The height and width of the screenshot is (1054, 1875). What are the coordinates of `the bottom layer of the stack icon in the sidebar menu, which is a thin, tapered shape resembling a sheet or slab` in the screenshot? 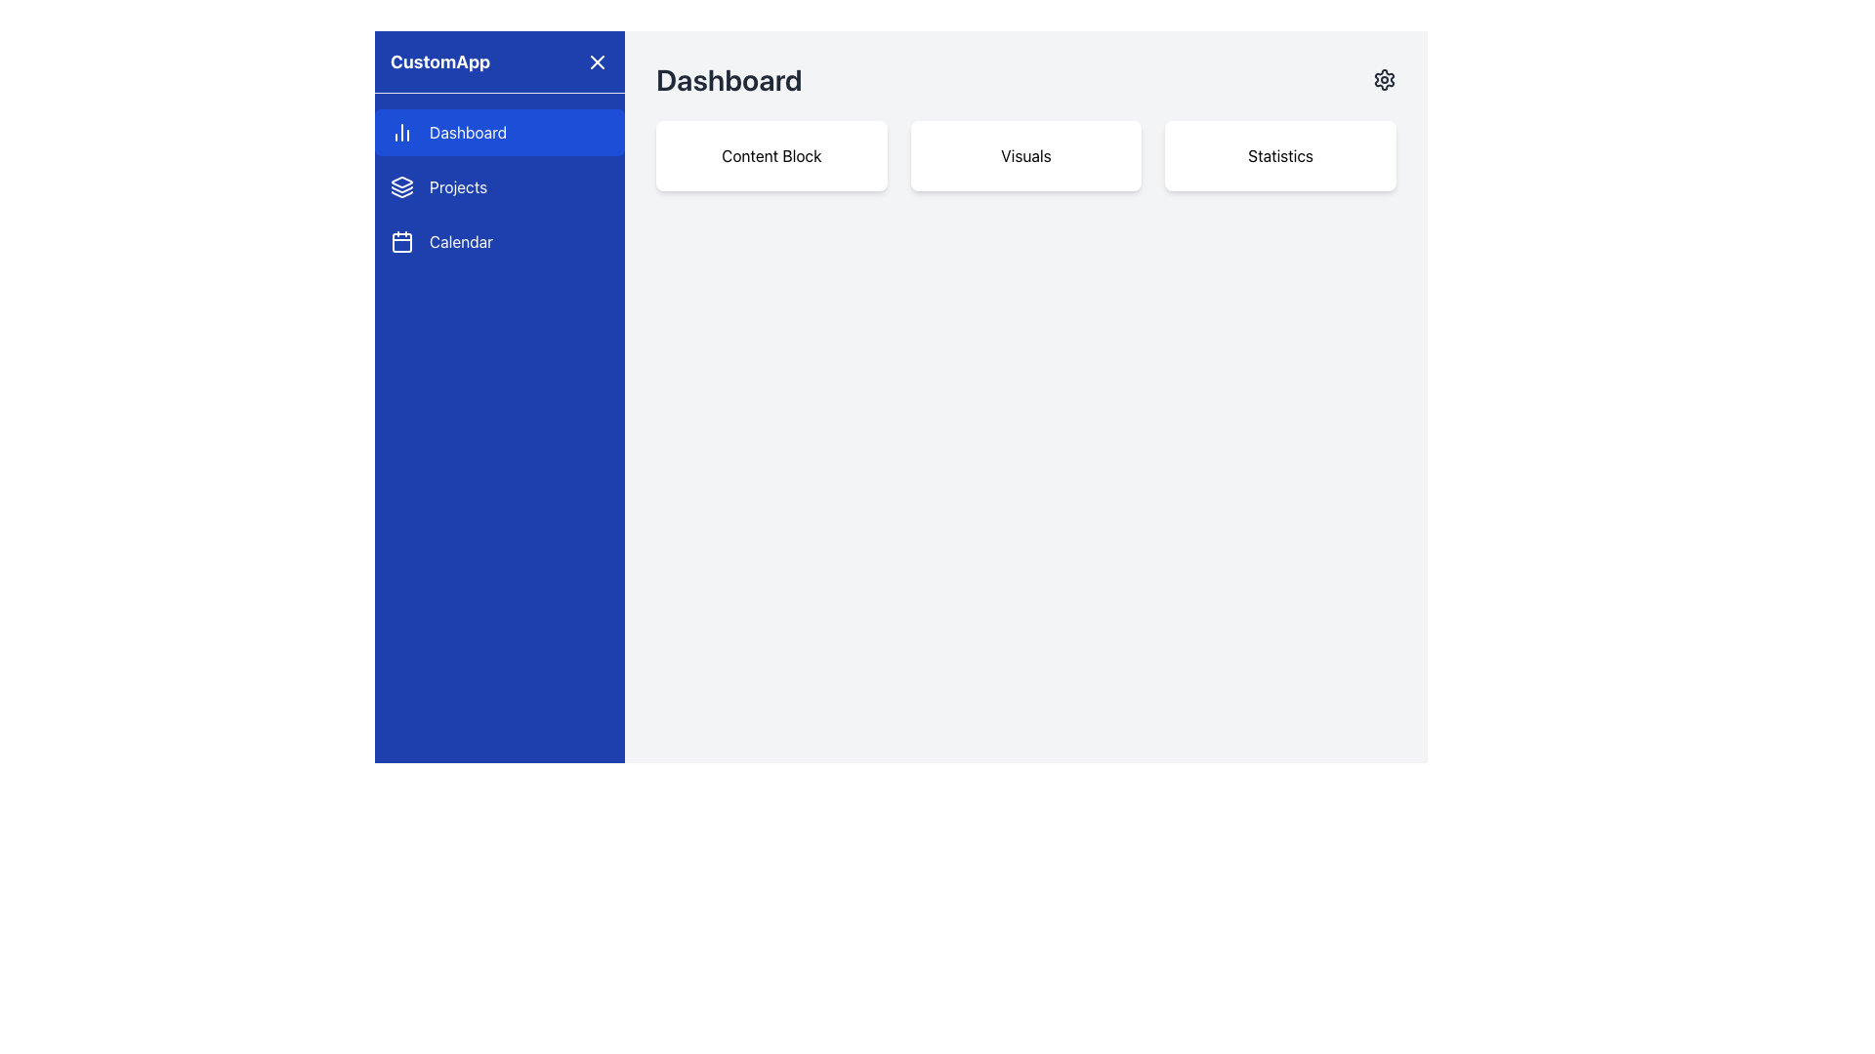 It's located at (401, 194).